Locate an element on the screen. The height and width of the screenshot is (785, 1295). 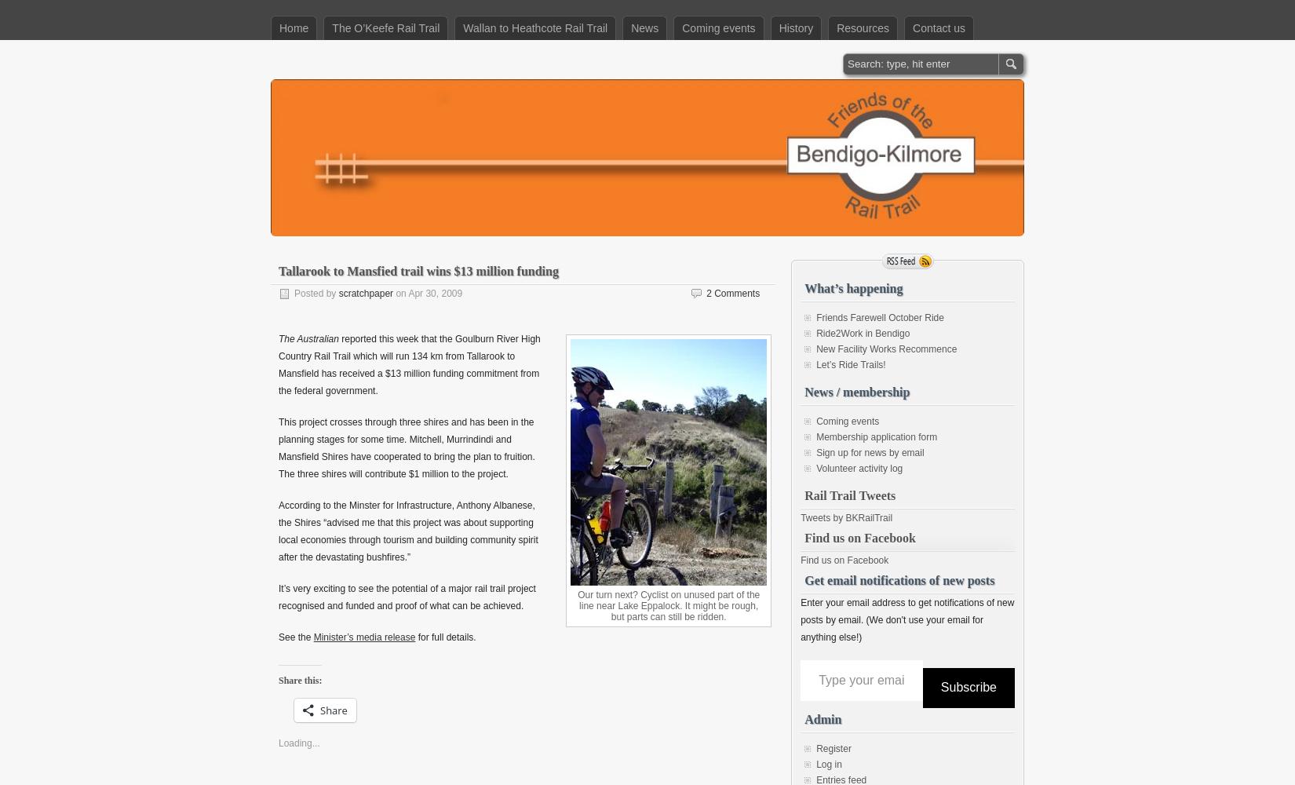
'Register' is located at coordinates (815, 747).